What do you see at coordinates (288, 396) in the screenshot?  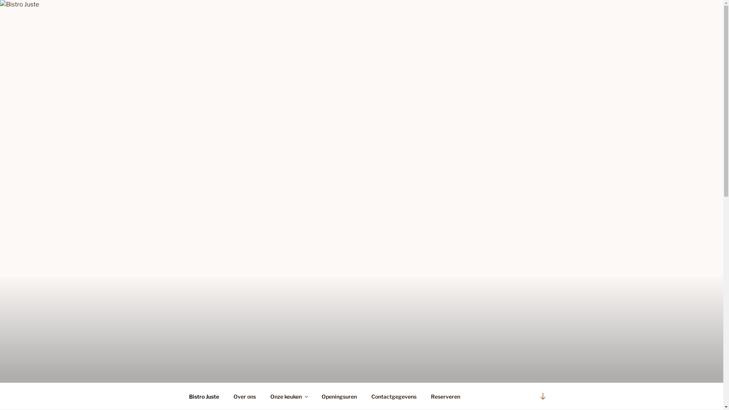 I see `'Onze keuken'` at bounding box center [288, 396].